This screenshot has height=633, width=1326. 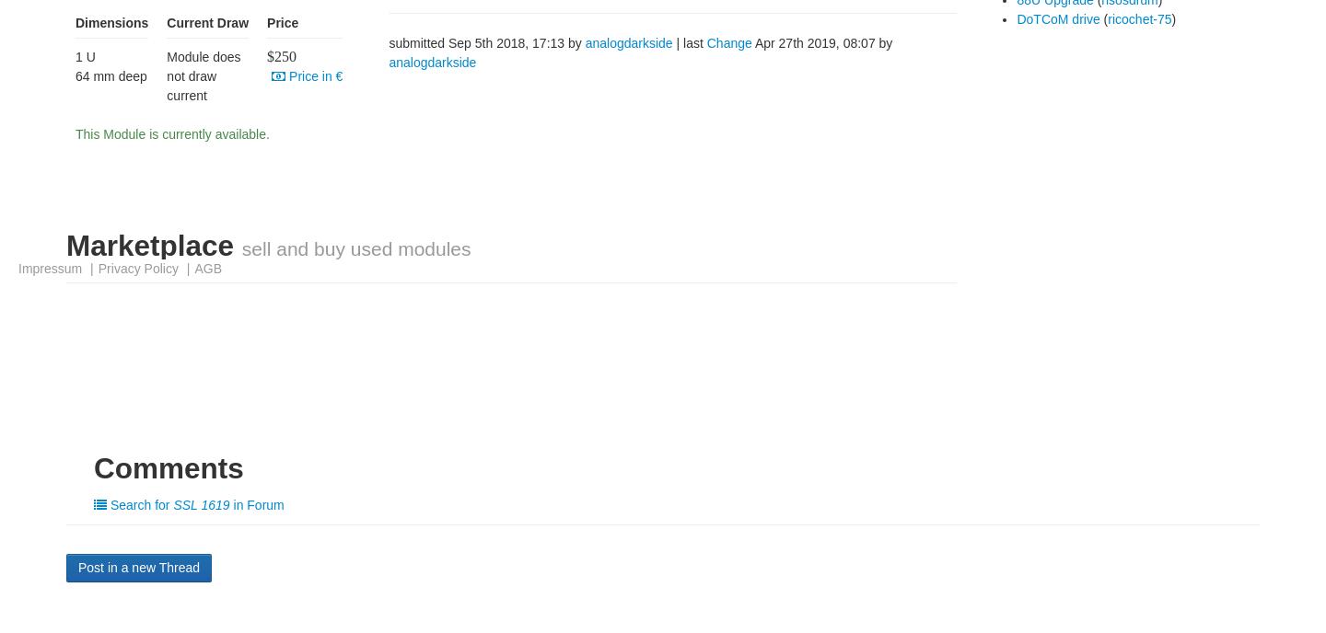 What do you see at coordinates (204, 75) in the screenshot?
I see `'Module does not draw current'` at bounding box center [204, 75].